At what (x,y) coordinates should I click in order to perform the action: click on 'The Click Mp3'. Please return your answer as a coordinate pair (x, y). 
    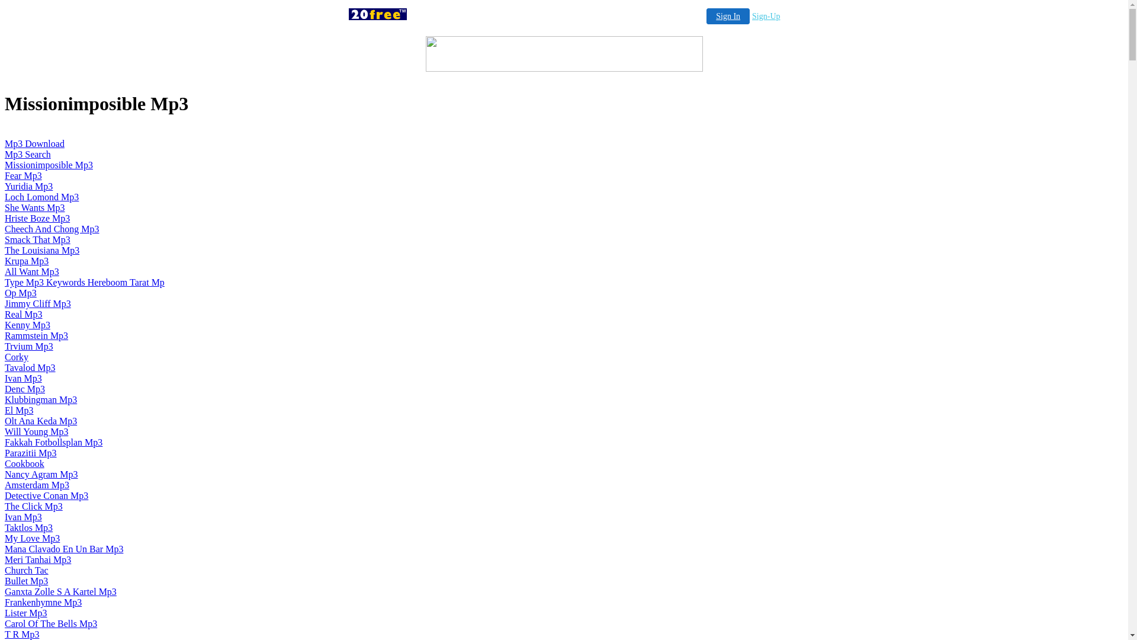
    Looking at the image, I should click on (34, 506).